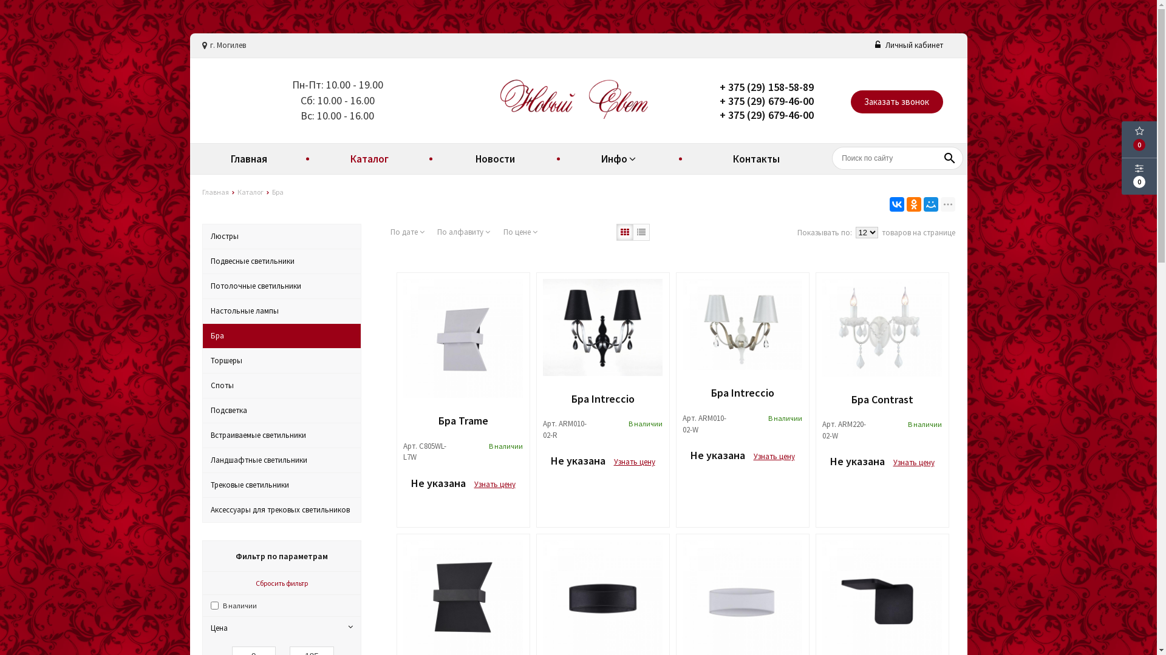 This screenshot has height=655, width=1166. I want to click on '+ 375 (29) 158-58-89', so click(766, 86).